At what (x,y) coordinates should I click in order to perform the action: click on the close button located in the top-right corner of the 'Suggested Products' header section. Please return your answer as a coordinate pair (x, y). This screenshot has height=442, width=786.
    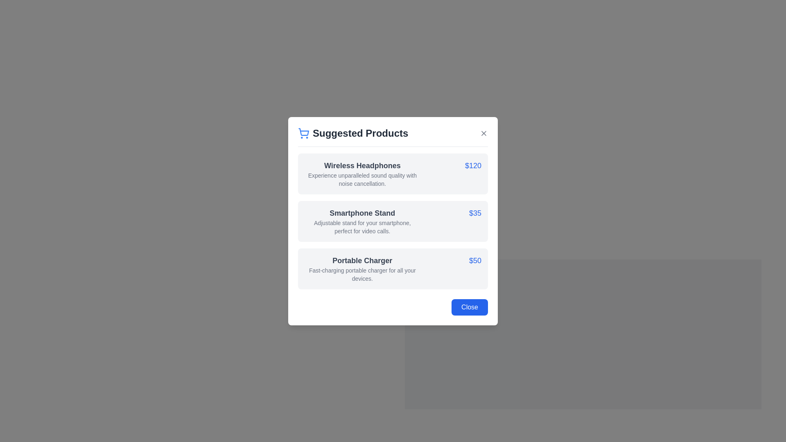
    Looking at the image, I should click on (483, 132).